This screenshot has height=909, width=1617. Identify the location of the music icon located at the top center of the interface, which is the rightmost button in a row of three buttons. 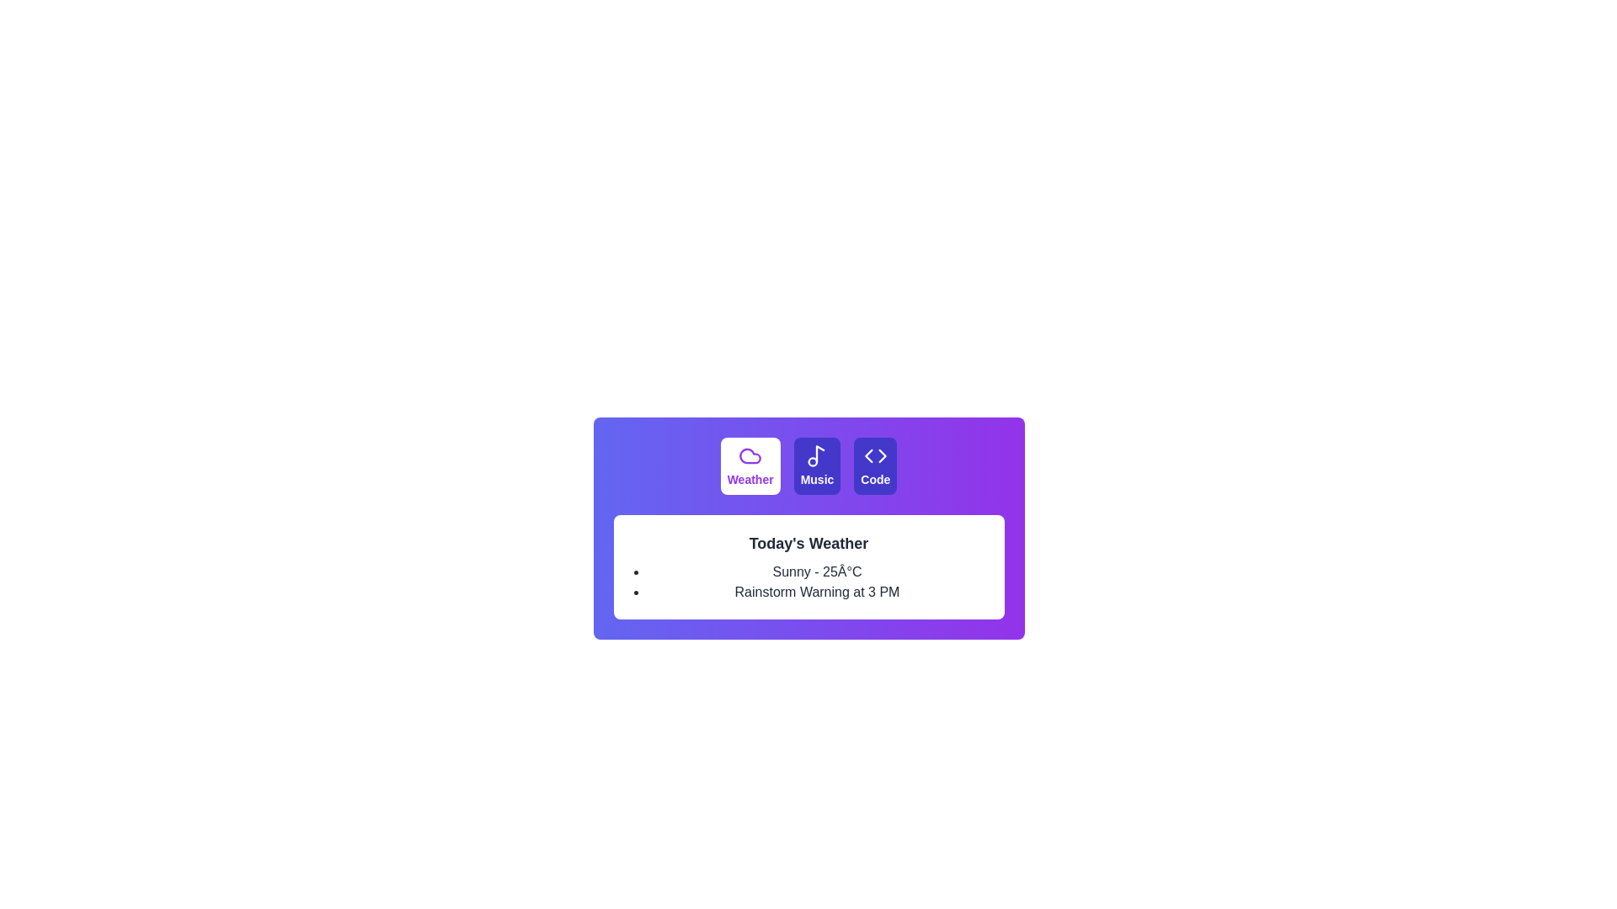
(820, 453).